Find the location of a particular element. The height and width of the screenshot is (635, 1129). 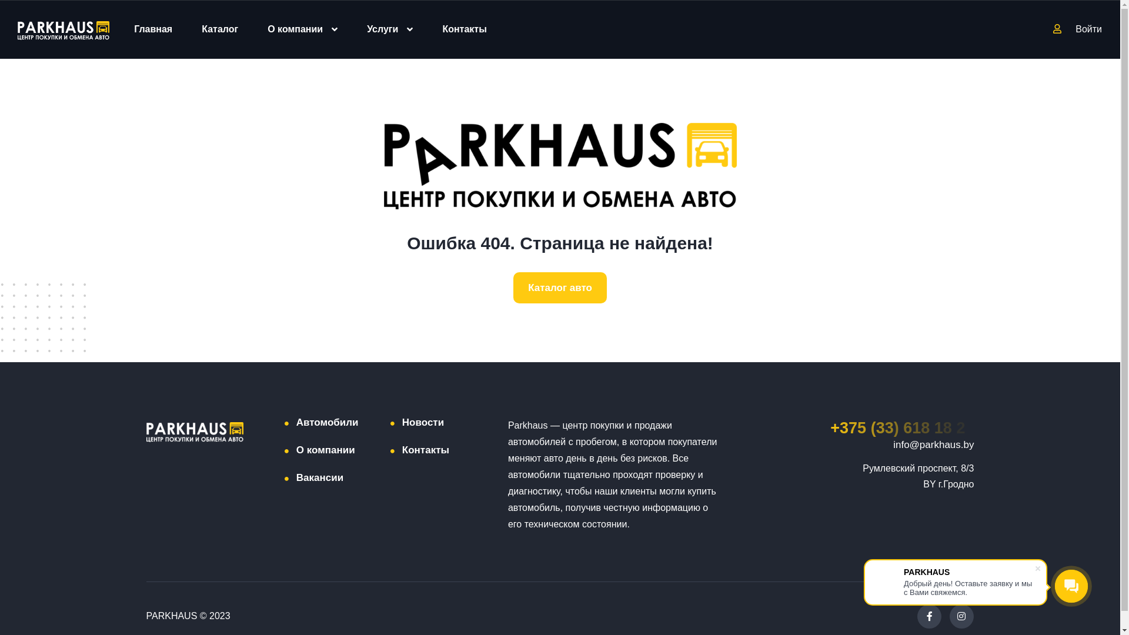

'info@parkhaus.by' is located at coordinates (933, 444).